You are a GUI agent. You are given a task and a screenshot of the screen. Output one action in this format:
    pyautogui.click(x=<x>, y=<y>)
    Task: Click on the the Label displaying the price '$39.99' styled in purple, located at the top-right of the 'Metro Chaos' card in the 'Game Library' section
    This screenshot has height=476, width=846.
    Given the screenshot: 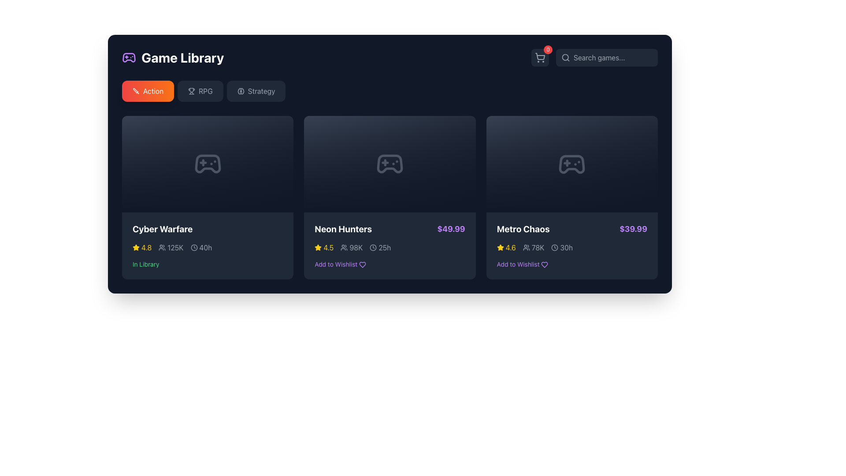 What is the action you would take?
    pyautogui.click(x=633, y=229)
    